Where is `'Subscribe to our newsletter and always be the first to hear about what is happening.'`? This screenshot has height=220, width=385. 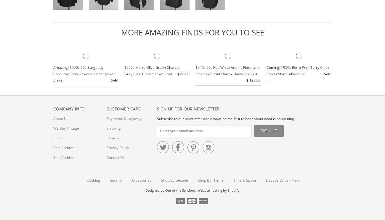
'Subscribe to our newsletter and always be the first to hear about what is happening.' is located at coordinates (225, 118).